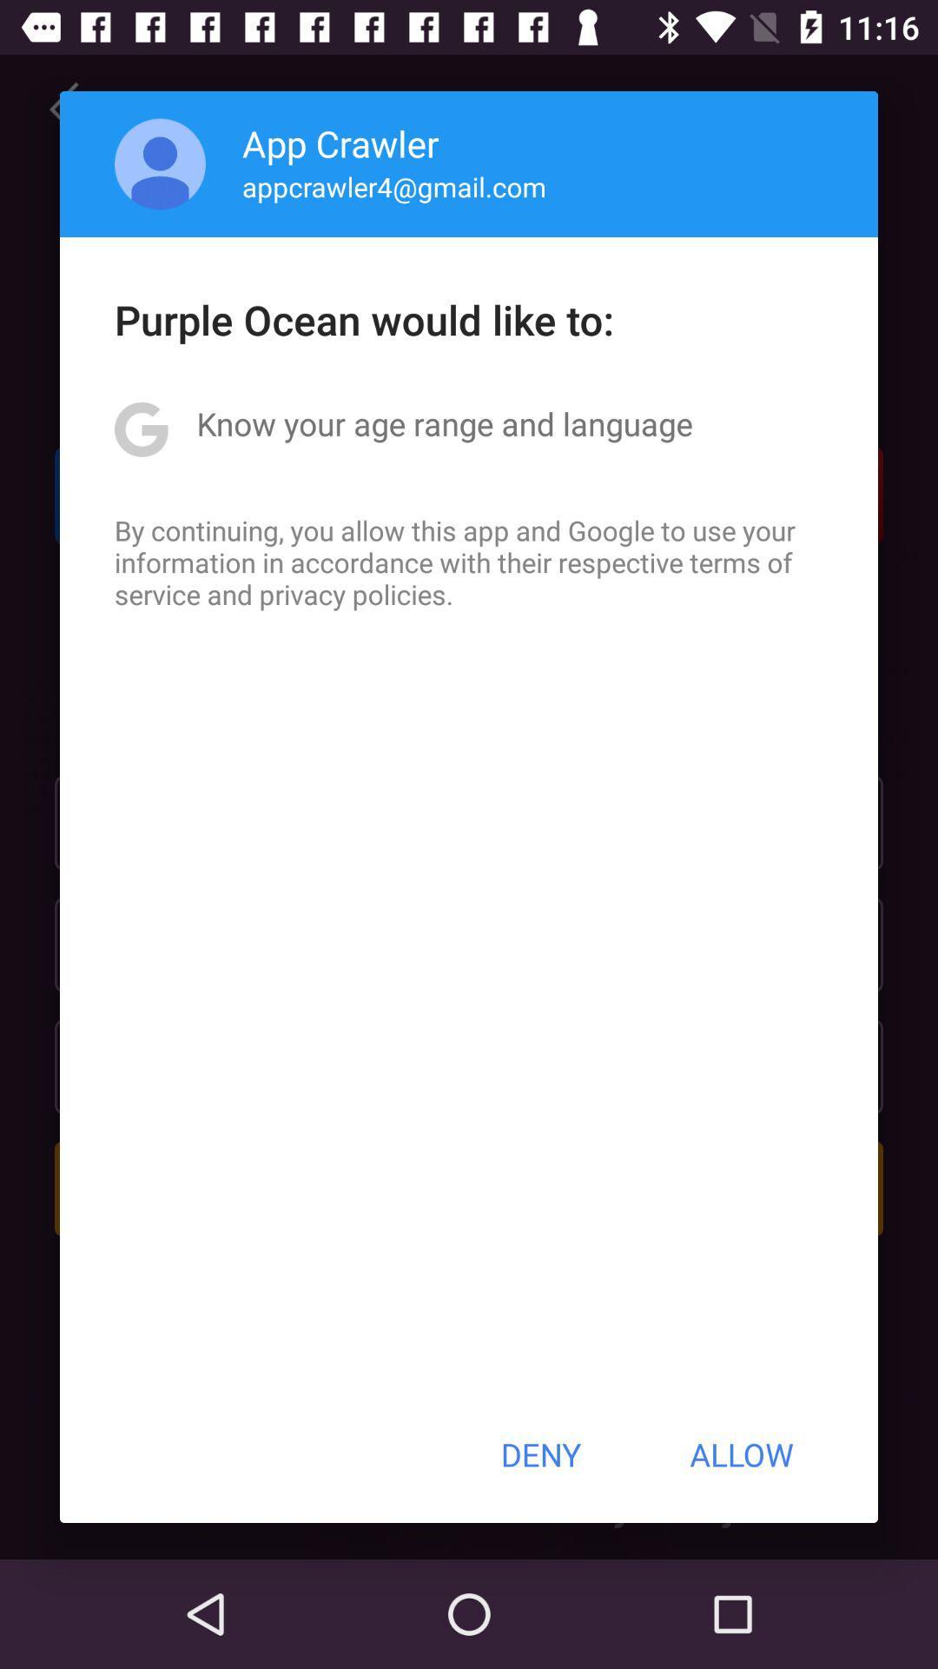 This screenshot has height=1669, width=938. Describe the element at coordinates (394, 186) in the screenshot. I see `appcrawler4@gmail.com item` at that location.